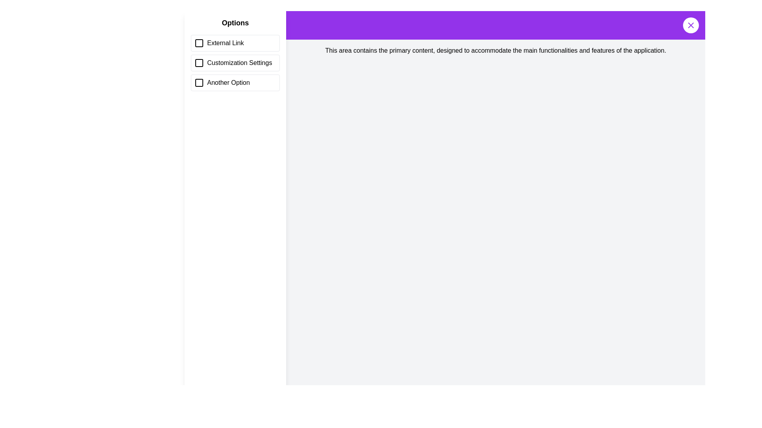 This screenshot has width=762, height=428. I want to click on the 'Customization Settings' list item in the sidebar, so click(235, 62).